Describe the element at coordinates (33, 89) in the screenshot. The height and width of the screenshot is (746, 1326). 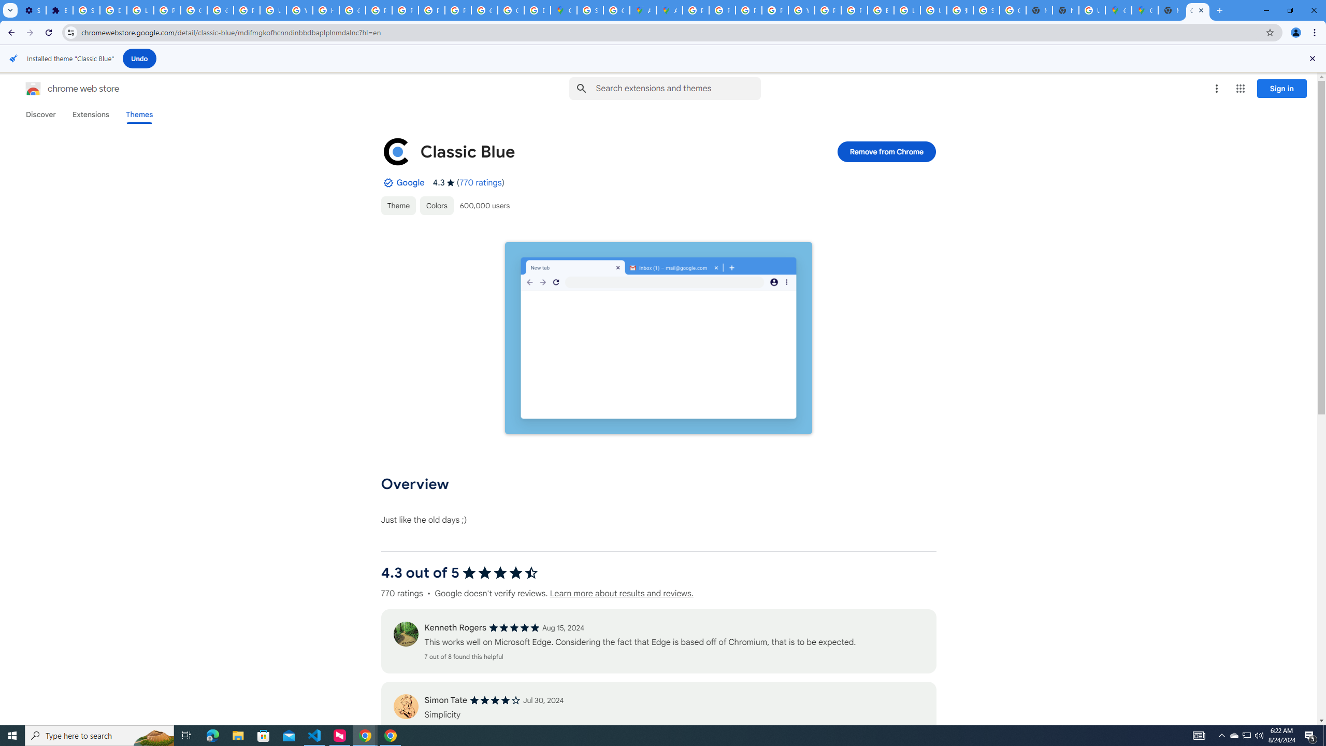
I see `'Chrome Web Store logo'` at that location.